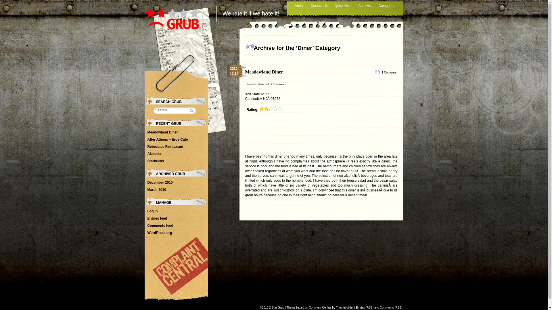 Image resolution: width=552 pixels, height=310 pixels. What do you see at coordinates (147, 211) in the screenshot?
I see `'Log in'` at bounding box center [147, 211].